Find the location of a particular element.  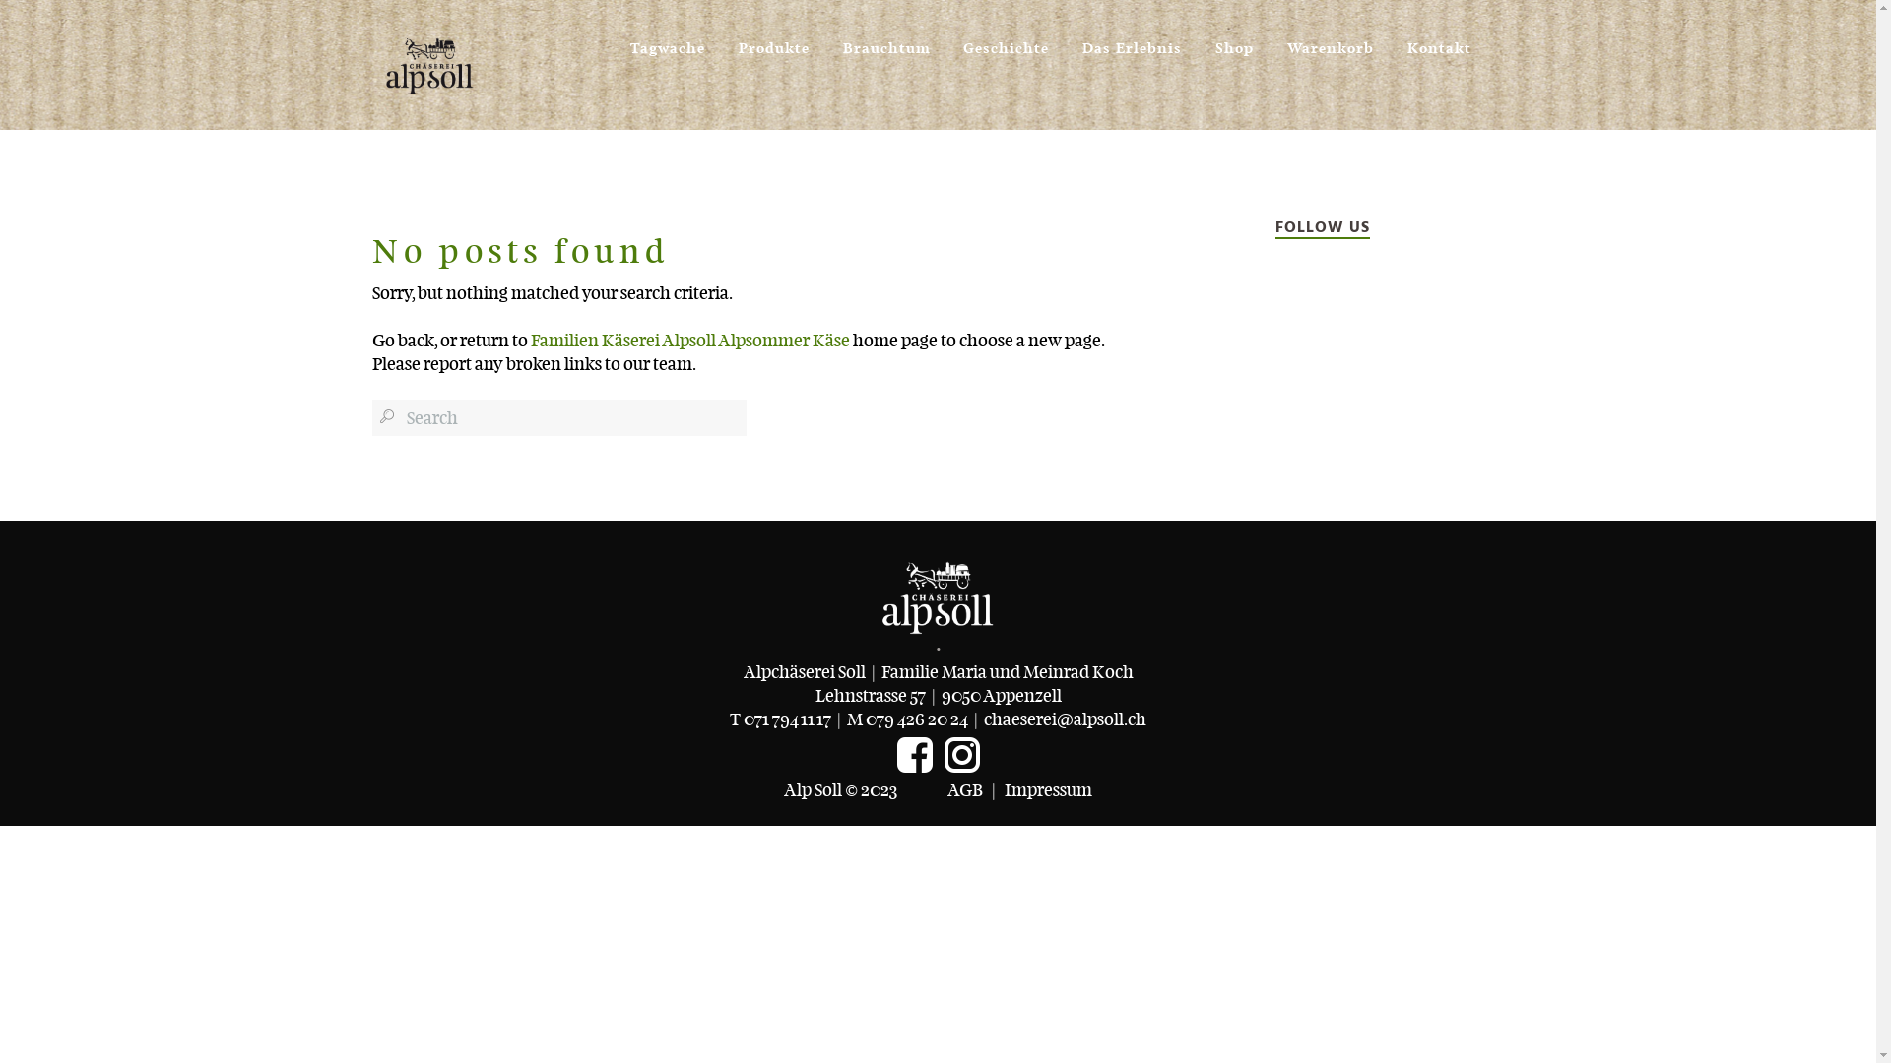

'chaeserei@alpsoll.ch' is located at coordinates (1064, 719).